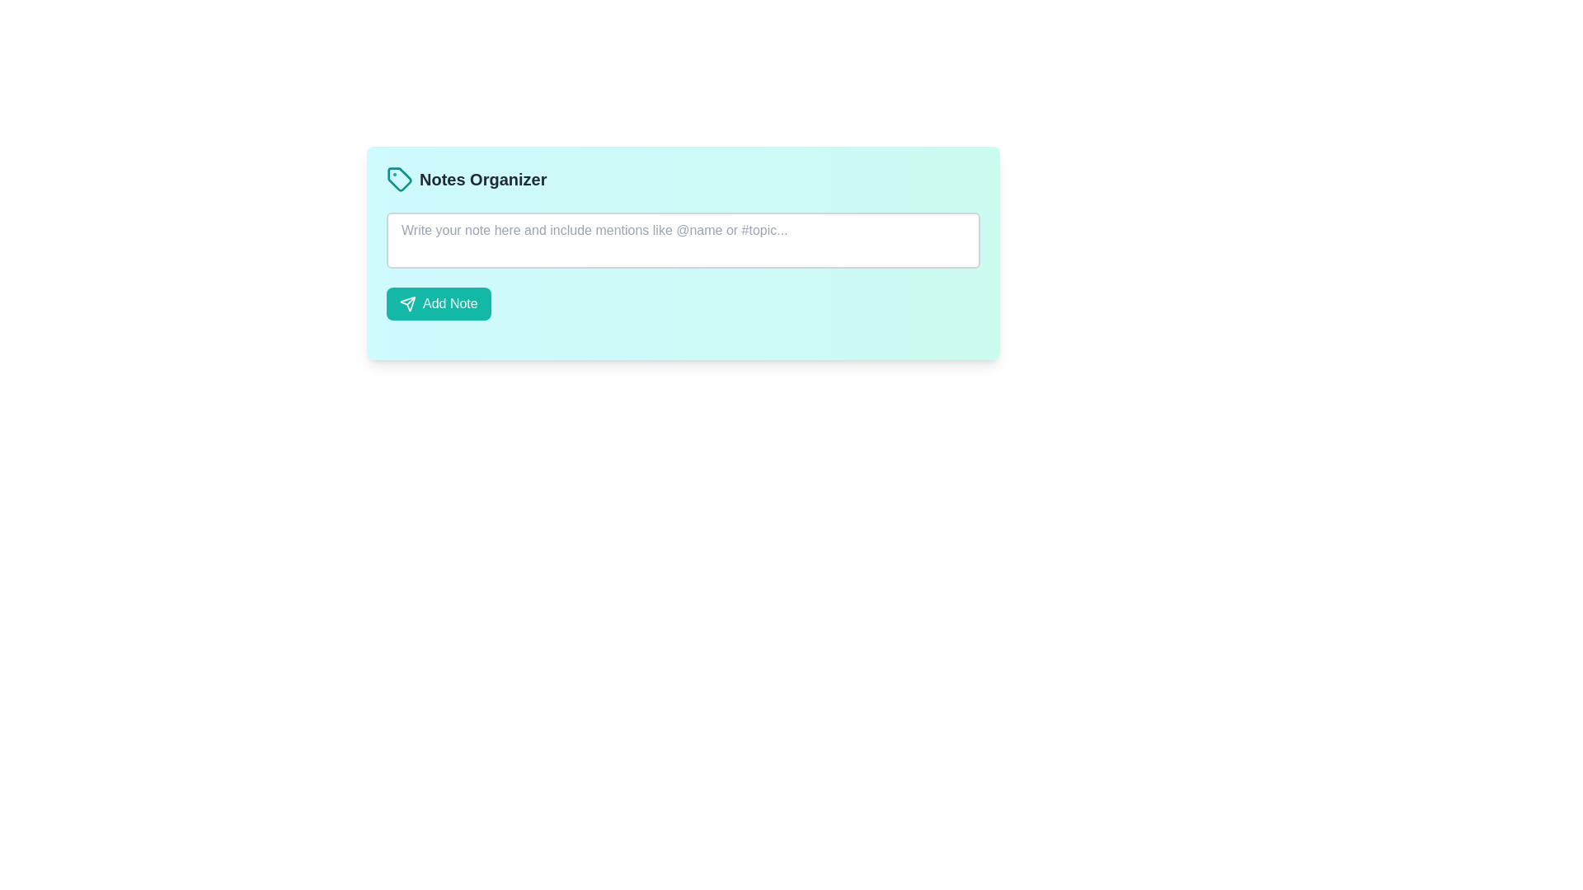 The height and width of the screenshot is (890, 1583). I want to click on around the title text element located to the right of a teal-colored tag icon, serving as a heading for the notes interface, so click(482, 180).